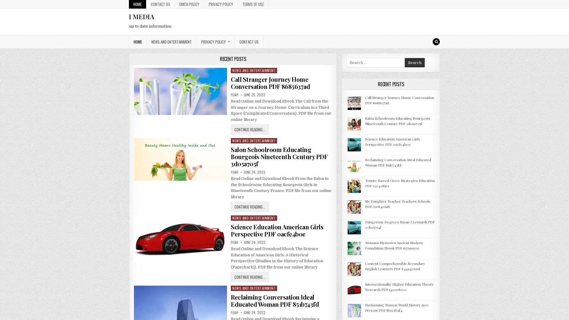  Describe the element at coordinates (414, 63) in the screenshot. I see `Search` at that location.